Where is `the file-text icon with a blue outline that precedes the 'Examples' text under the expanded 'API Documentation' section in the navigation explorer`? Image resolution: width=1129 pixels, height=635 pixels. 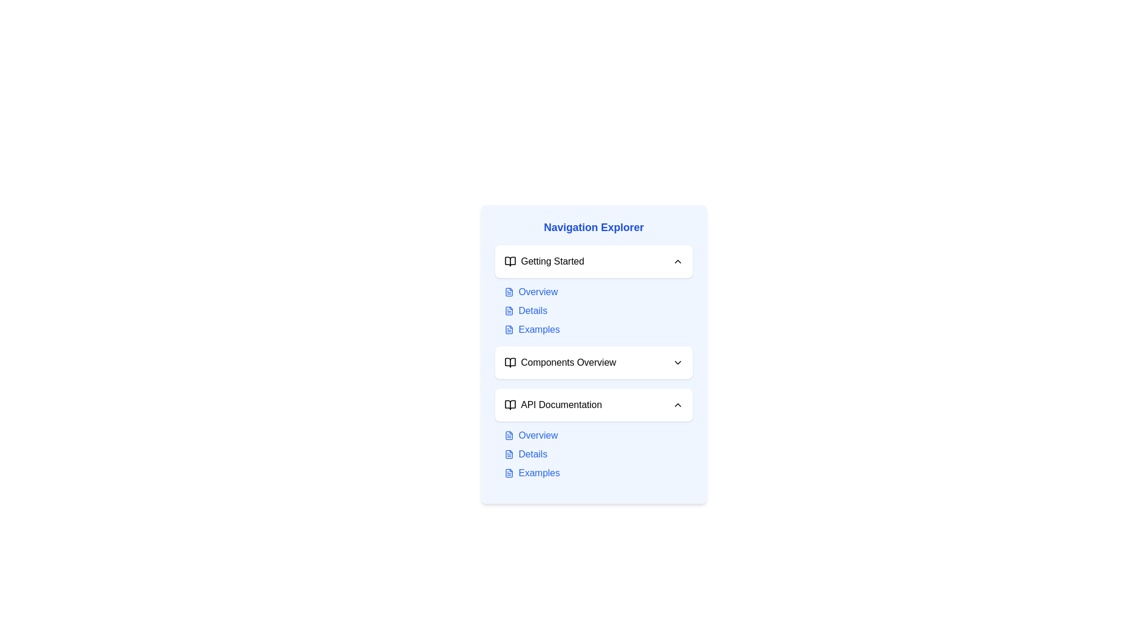
the file-text icon with a blue outline that precedes the 'Examples' text under the expanded 'API Documentation' section in the navigation explorer is located at coordinates (509, 473).